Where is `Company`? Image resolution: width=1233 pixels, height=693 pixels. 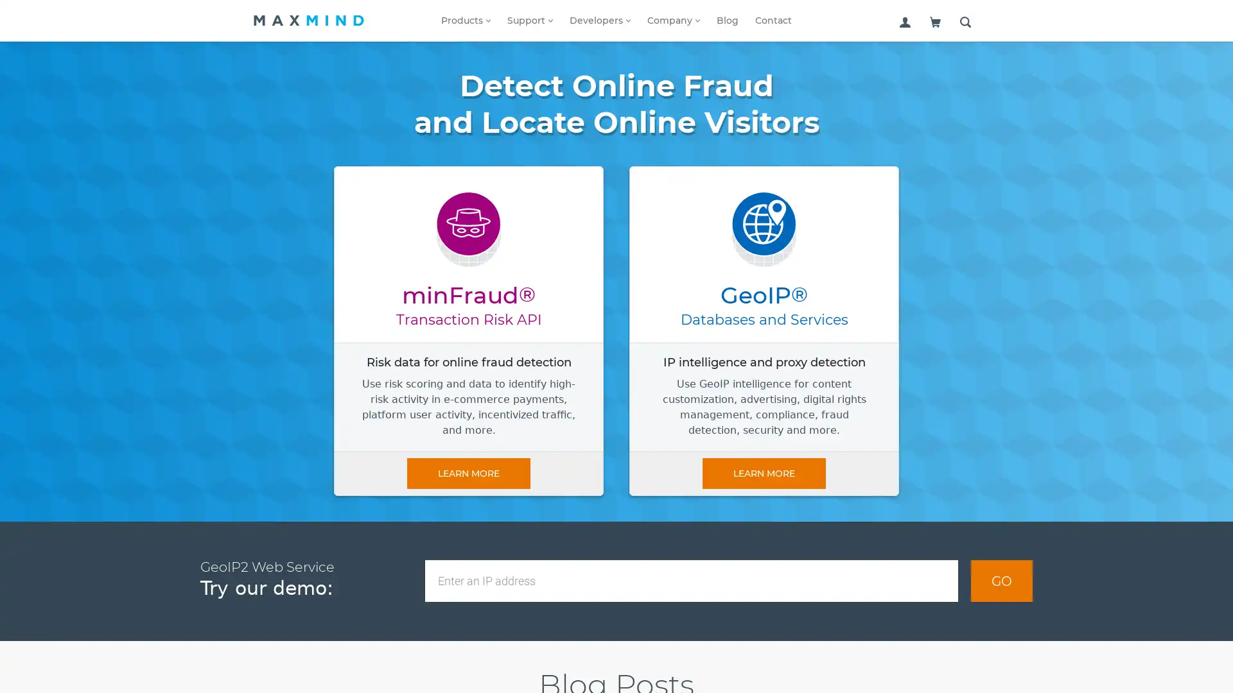
Company is located at coordinates (673, 20).